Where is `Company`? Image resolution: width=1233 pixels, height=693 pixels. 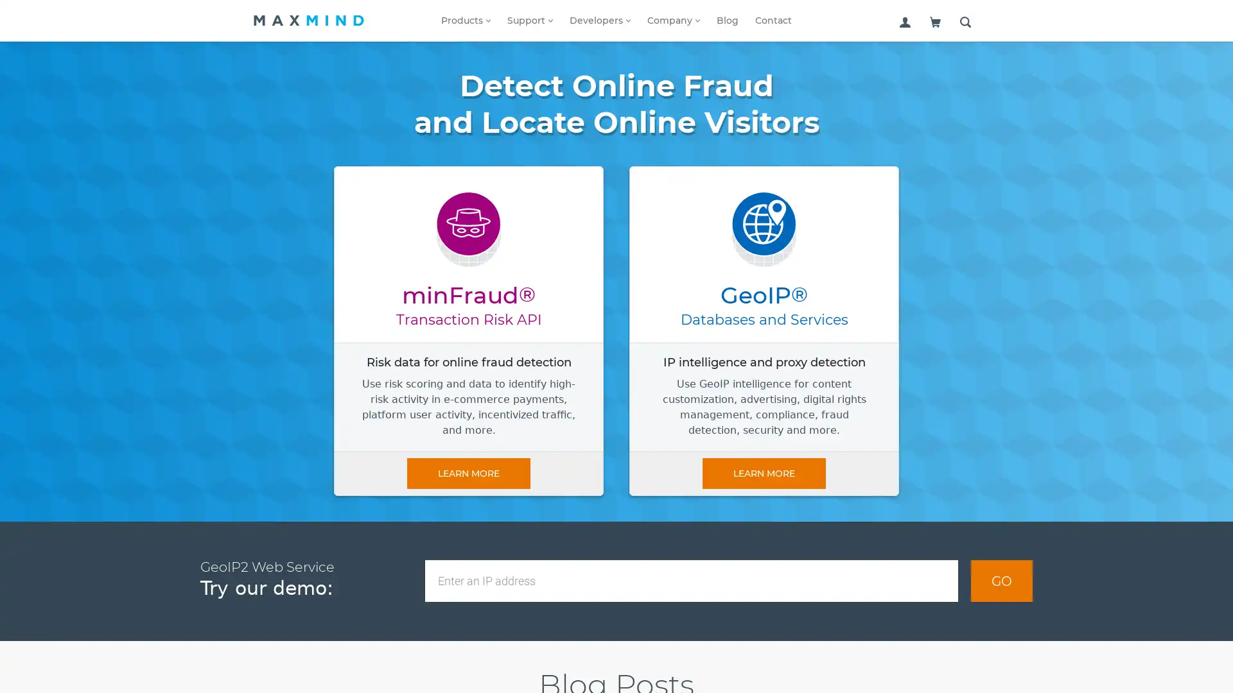
Company is located at coordinates (673, 20).